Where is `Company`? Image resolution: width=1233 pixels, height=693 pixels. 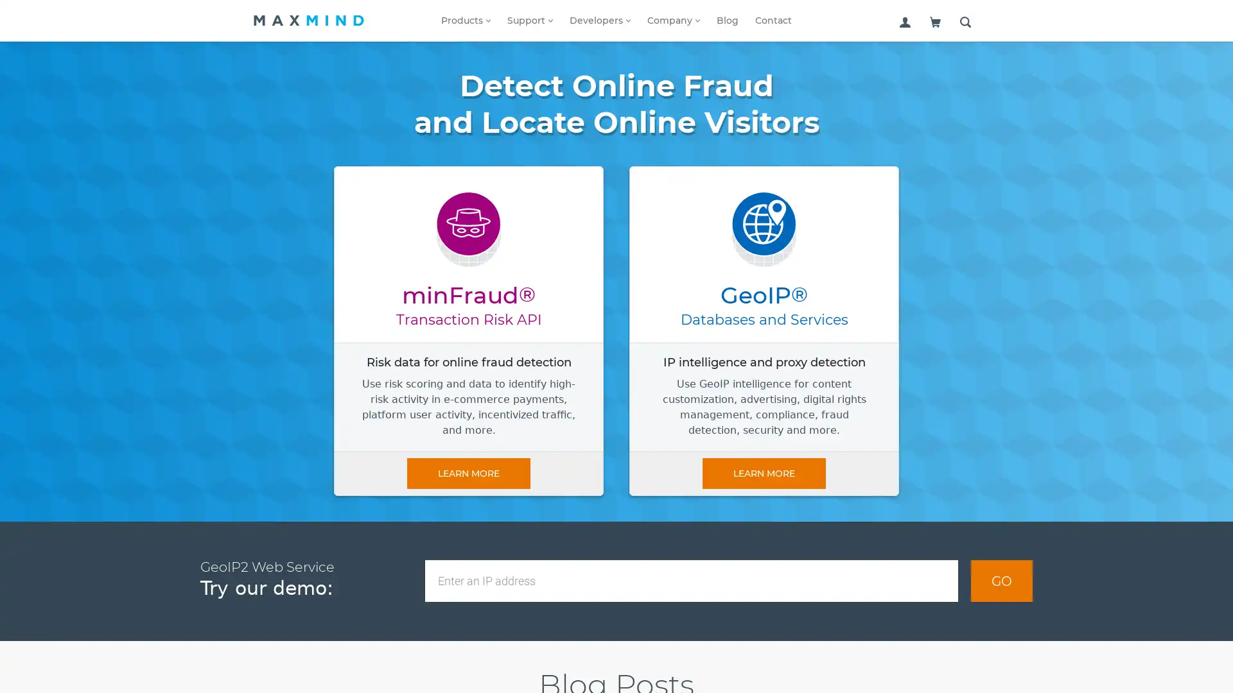
Company is located at coordinates (673, 20).